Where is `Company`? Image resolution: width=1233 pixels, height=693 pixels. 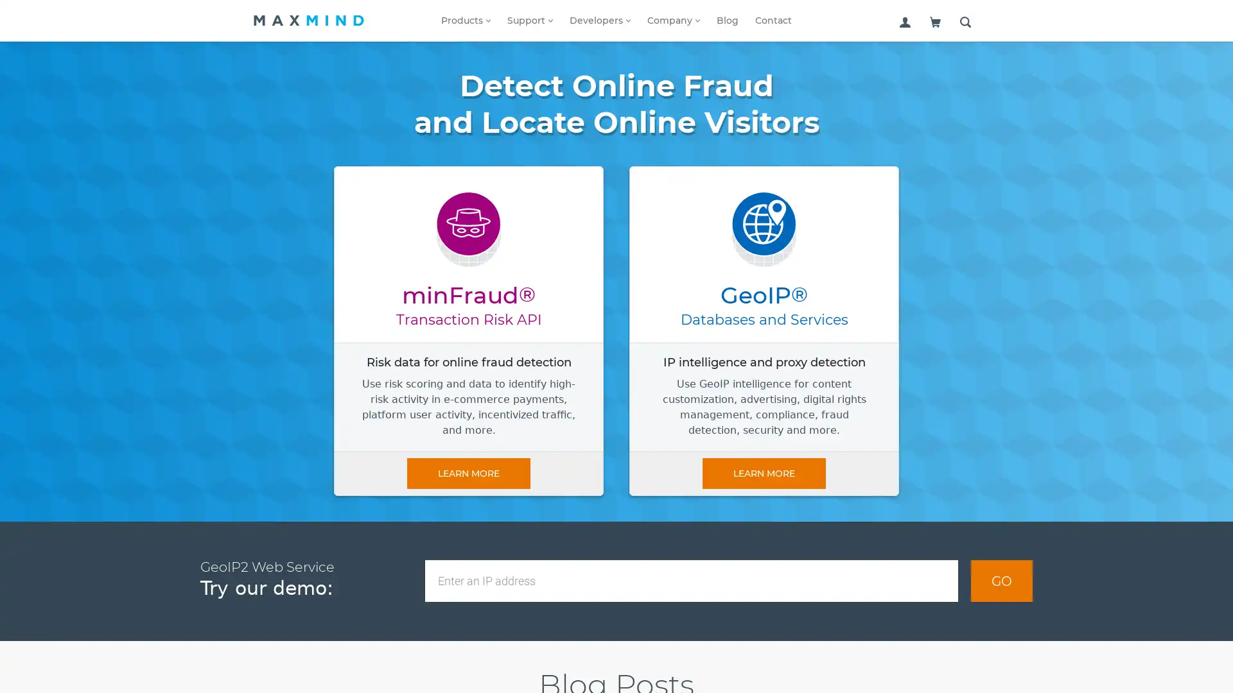
Company is located at coordinates (673, 20).